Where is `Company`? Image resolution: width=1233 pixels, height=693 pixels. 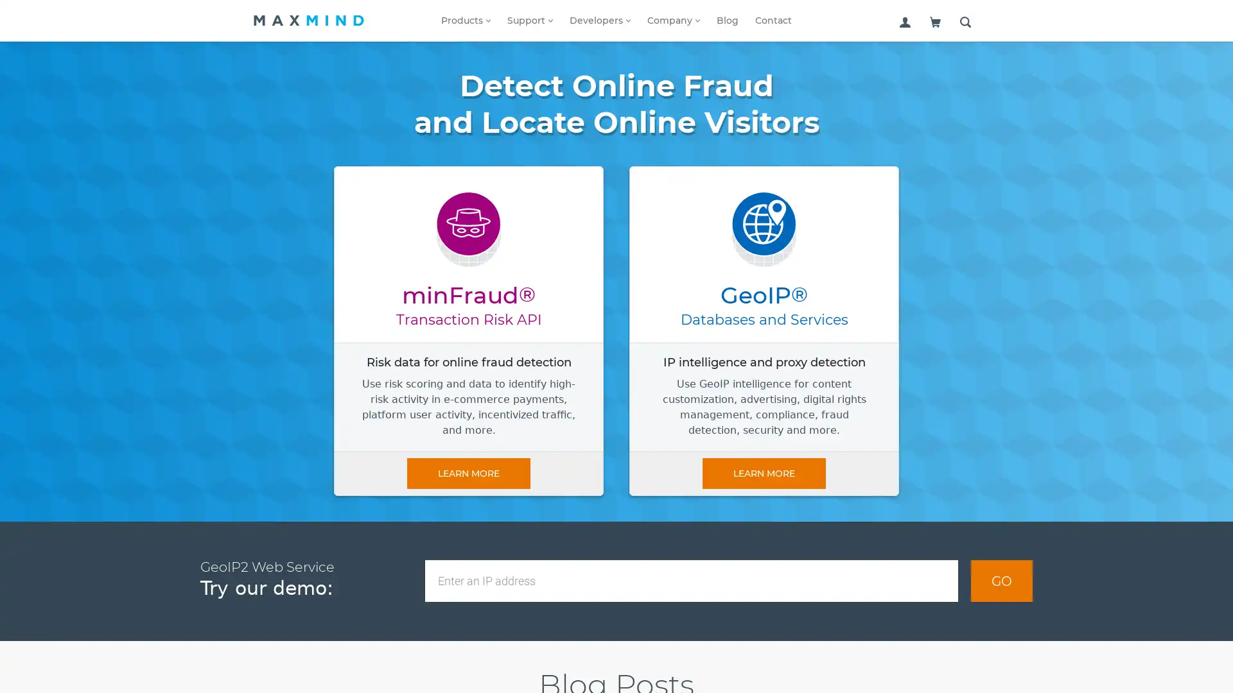
Company is located at coordinates (673, 20).